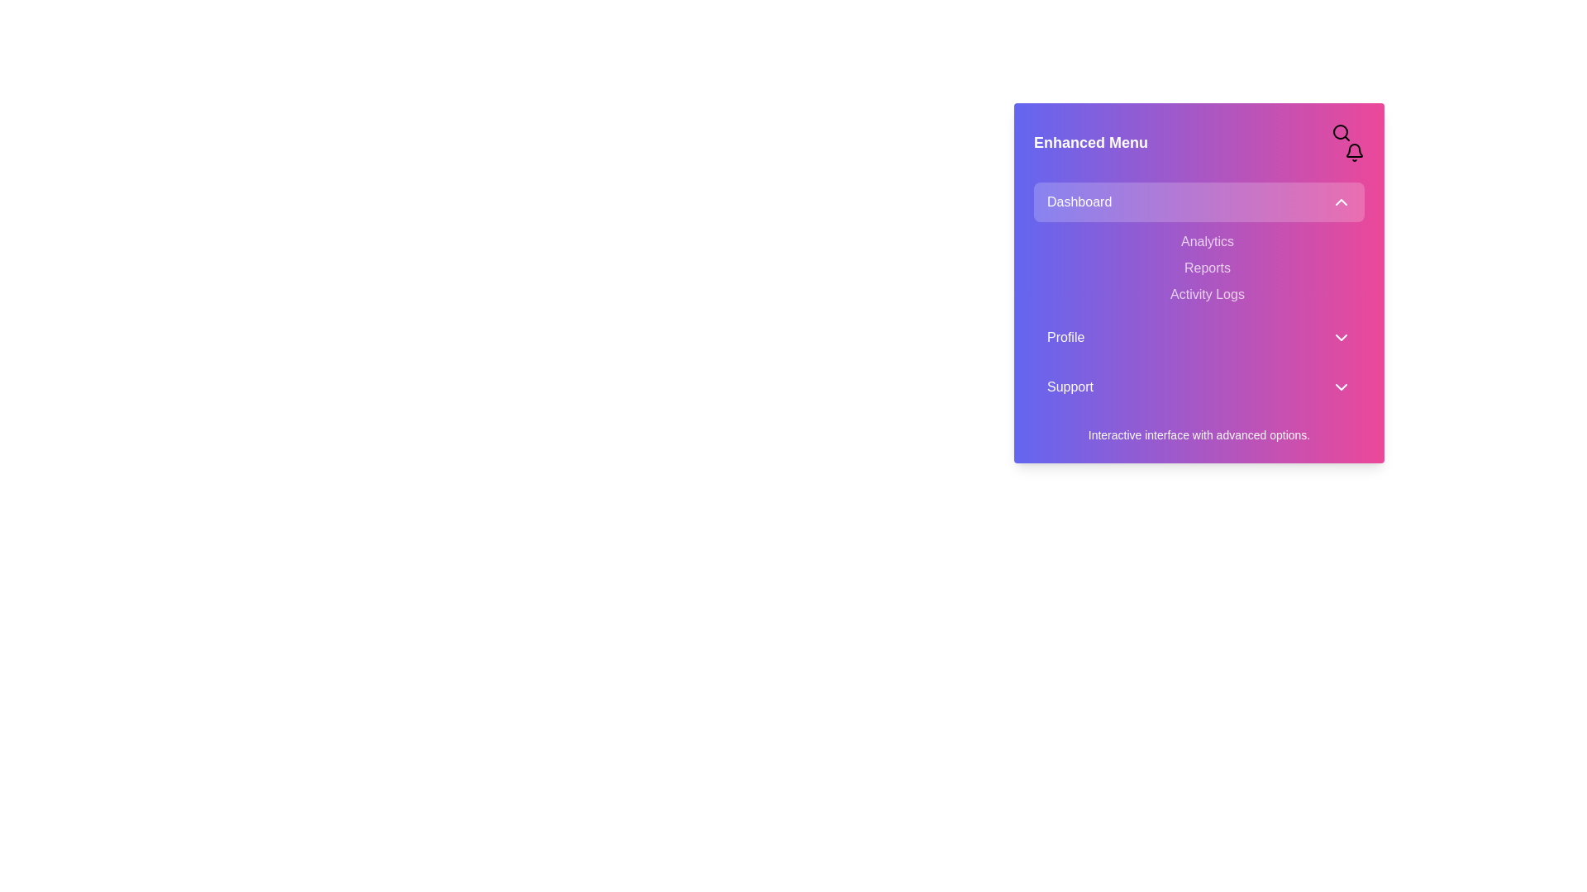  Describe the element at coordinates (1207, 242) in the screenshot. I see `the 'Analytics' menu option located below the 'Dashboard' header, which is the topmost item in the menu group of three options` at that location.